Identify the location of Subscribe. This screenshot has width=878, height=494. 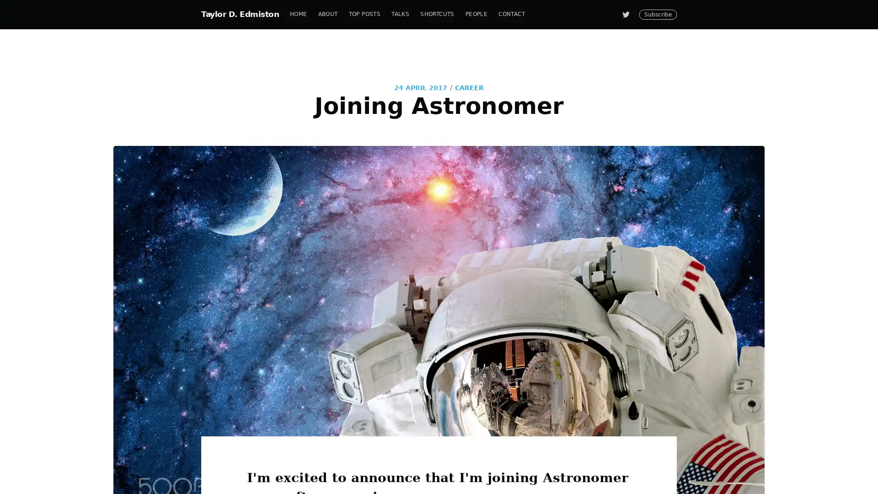
(522, 280).